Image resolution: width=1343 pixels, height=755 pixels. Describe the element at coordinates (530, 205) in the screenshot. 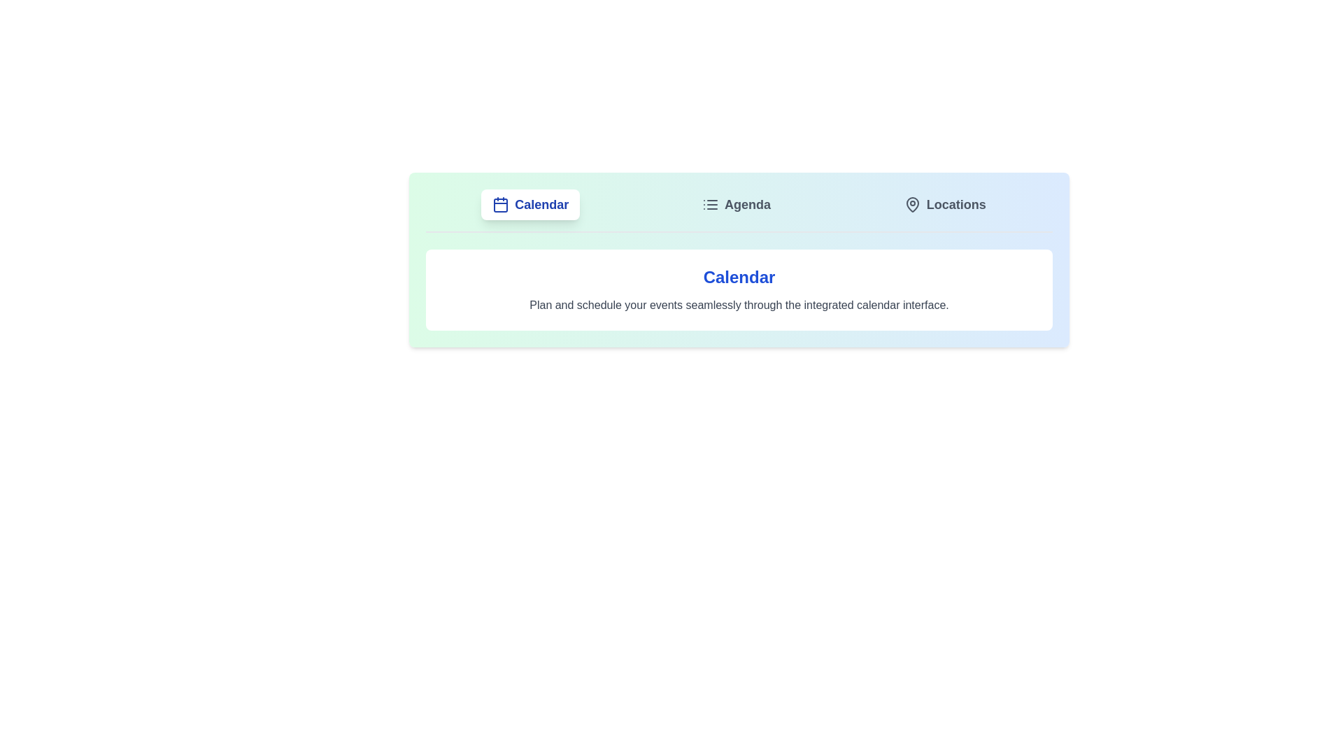

I see `the Calendar tab to view its content` at that location.